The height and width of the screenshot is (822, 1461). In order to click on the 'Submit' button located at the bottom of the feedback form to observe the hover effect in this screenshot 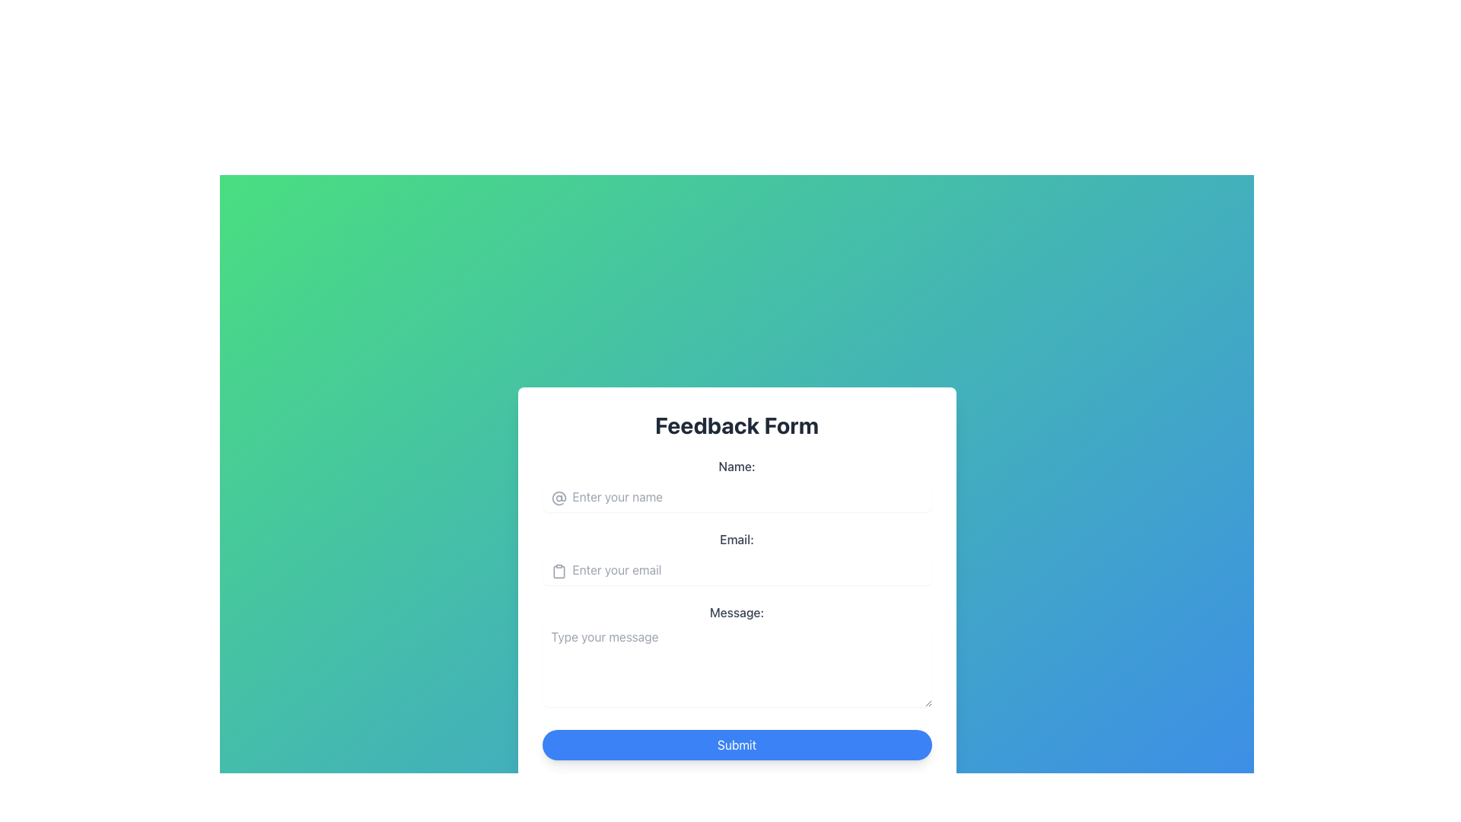, I will do `click(737, 744)`.